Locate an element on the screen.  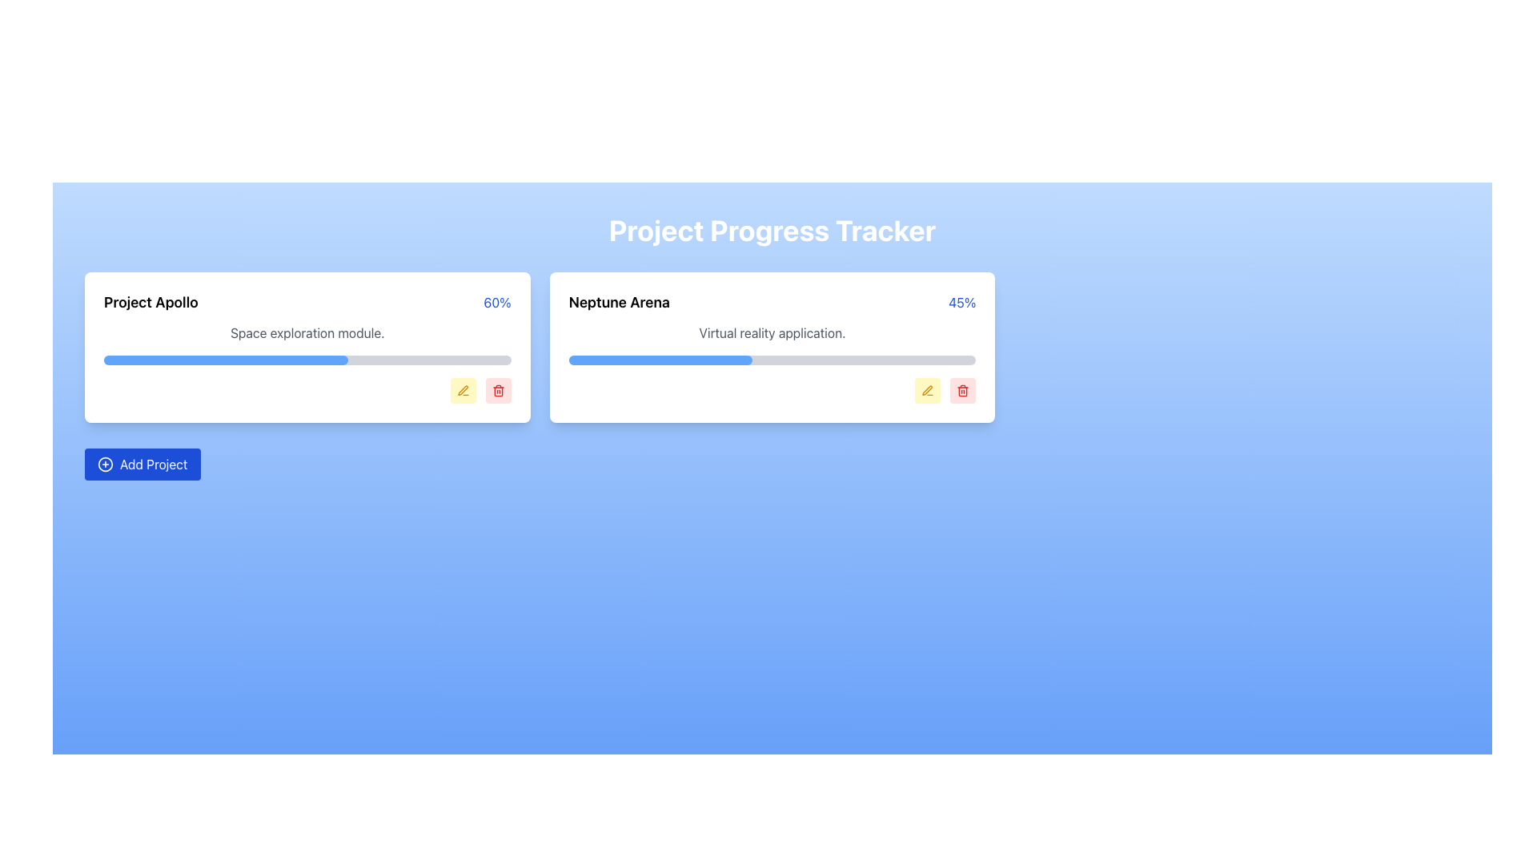
the text label displaying 'Neptune Arena', which is styled with a bold font and positioned to the left of the smaller label '45%' is located at coordinates (618, 303).